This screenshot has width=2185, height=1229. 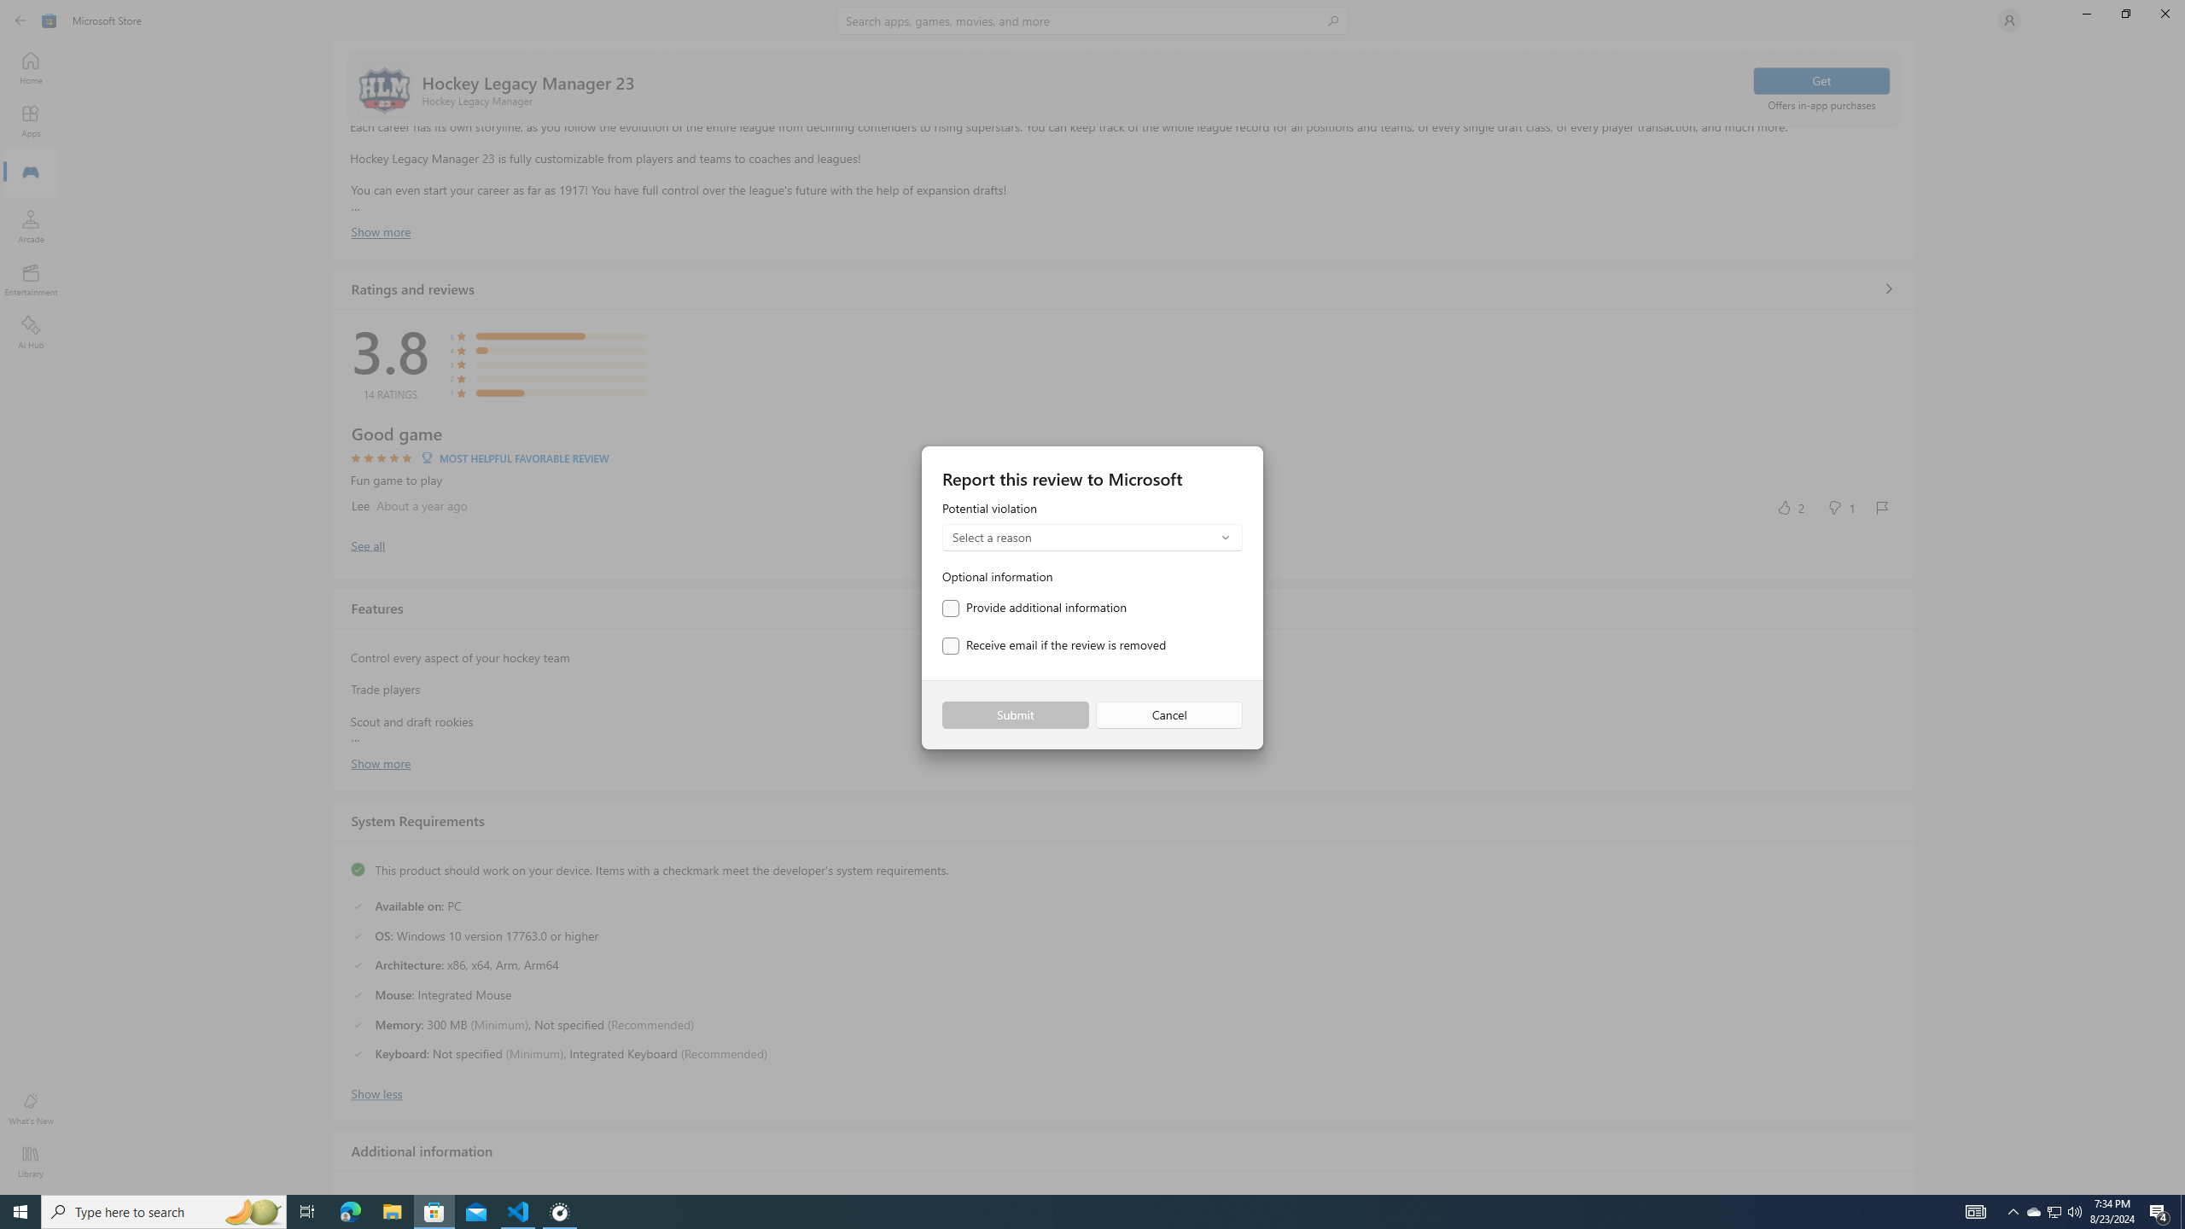 I want to click on 'Arcade', so click(x=29, y=225).